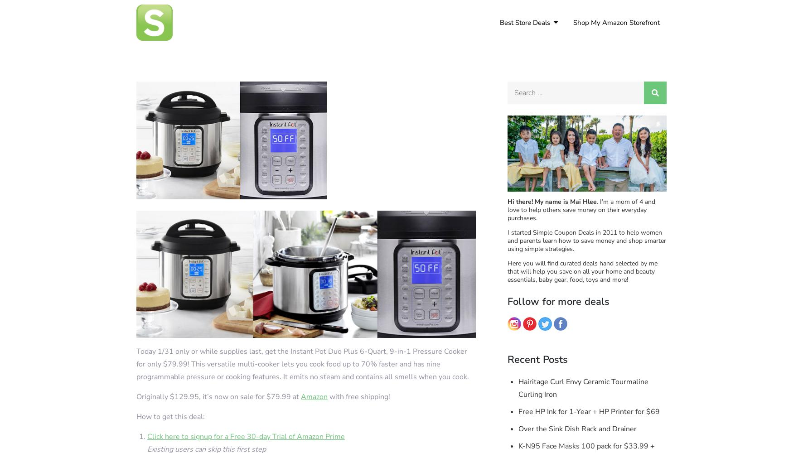 This screenshot has width=803, height=453. Describe the element at coordinates (136, 364) in the screenshot. I see `'Today 1/31 only or while supplies last, get the Instant Pot Duo Plus 6-Quart, 9-in-1 Pressure Cooker for only $79.99! This versatile multi-cooker lets you cook food up to 70% faster and has nine programmable pressure or cooking features. It emits no steam and contains all smells when you cook.'` at that location.